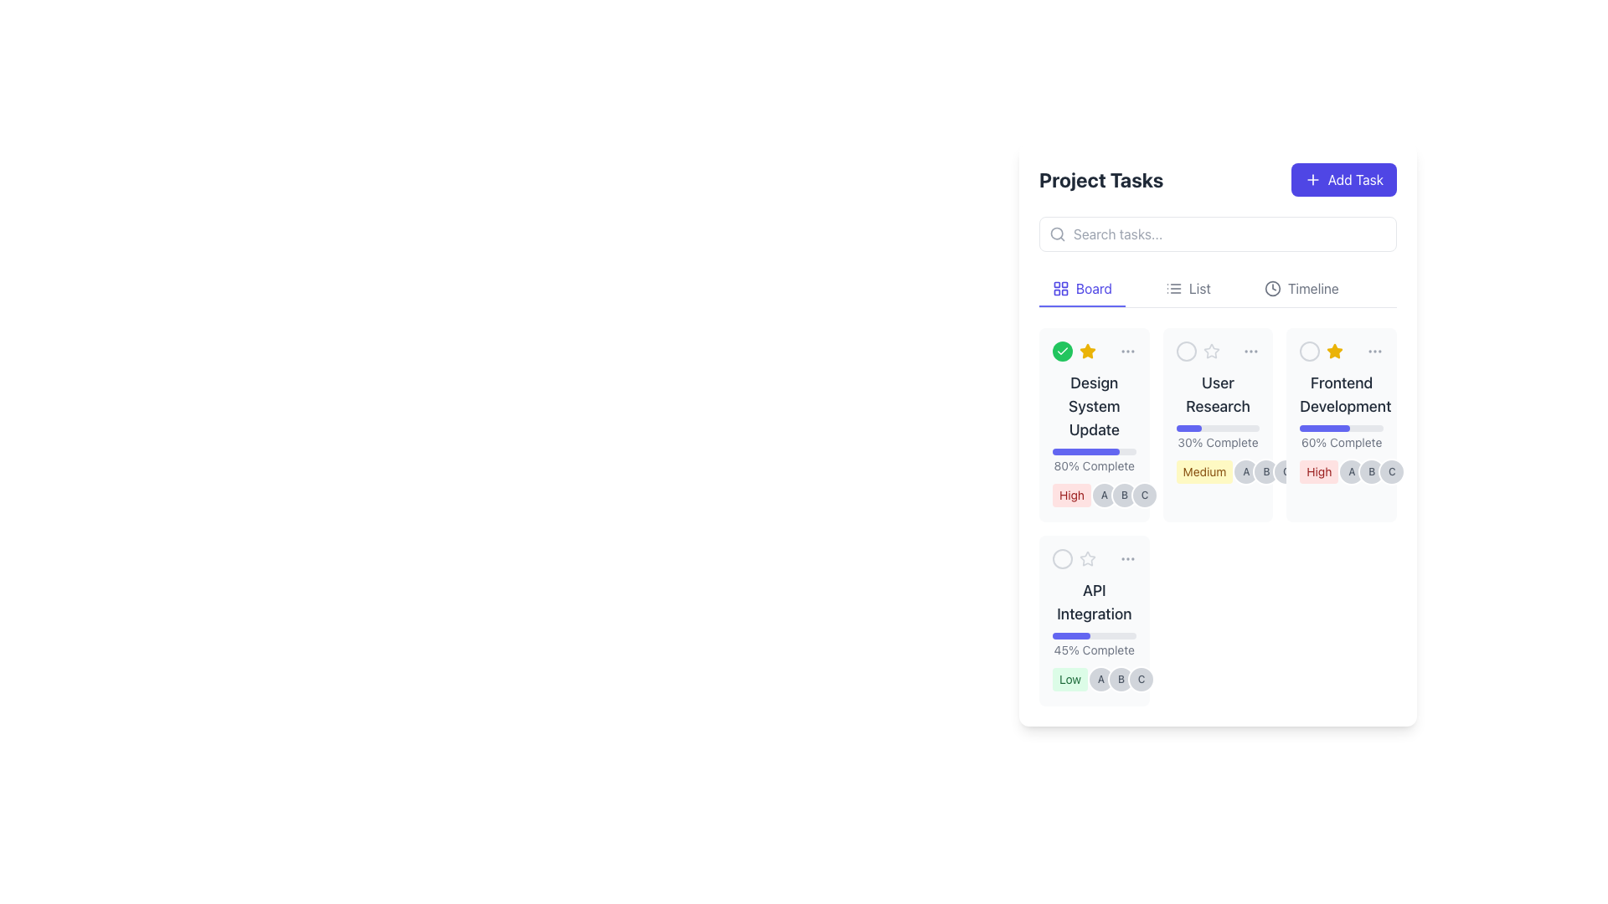 This screenshot has width=1608, height=904. I want to click on the 'Add Task' button located in the top-right corner of the 'Project Tasks' panel, so click(1343, 180).